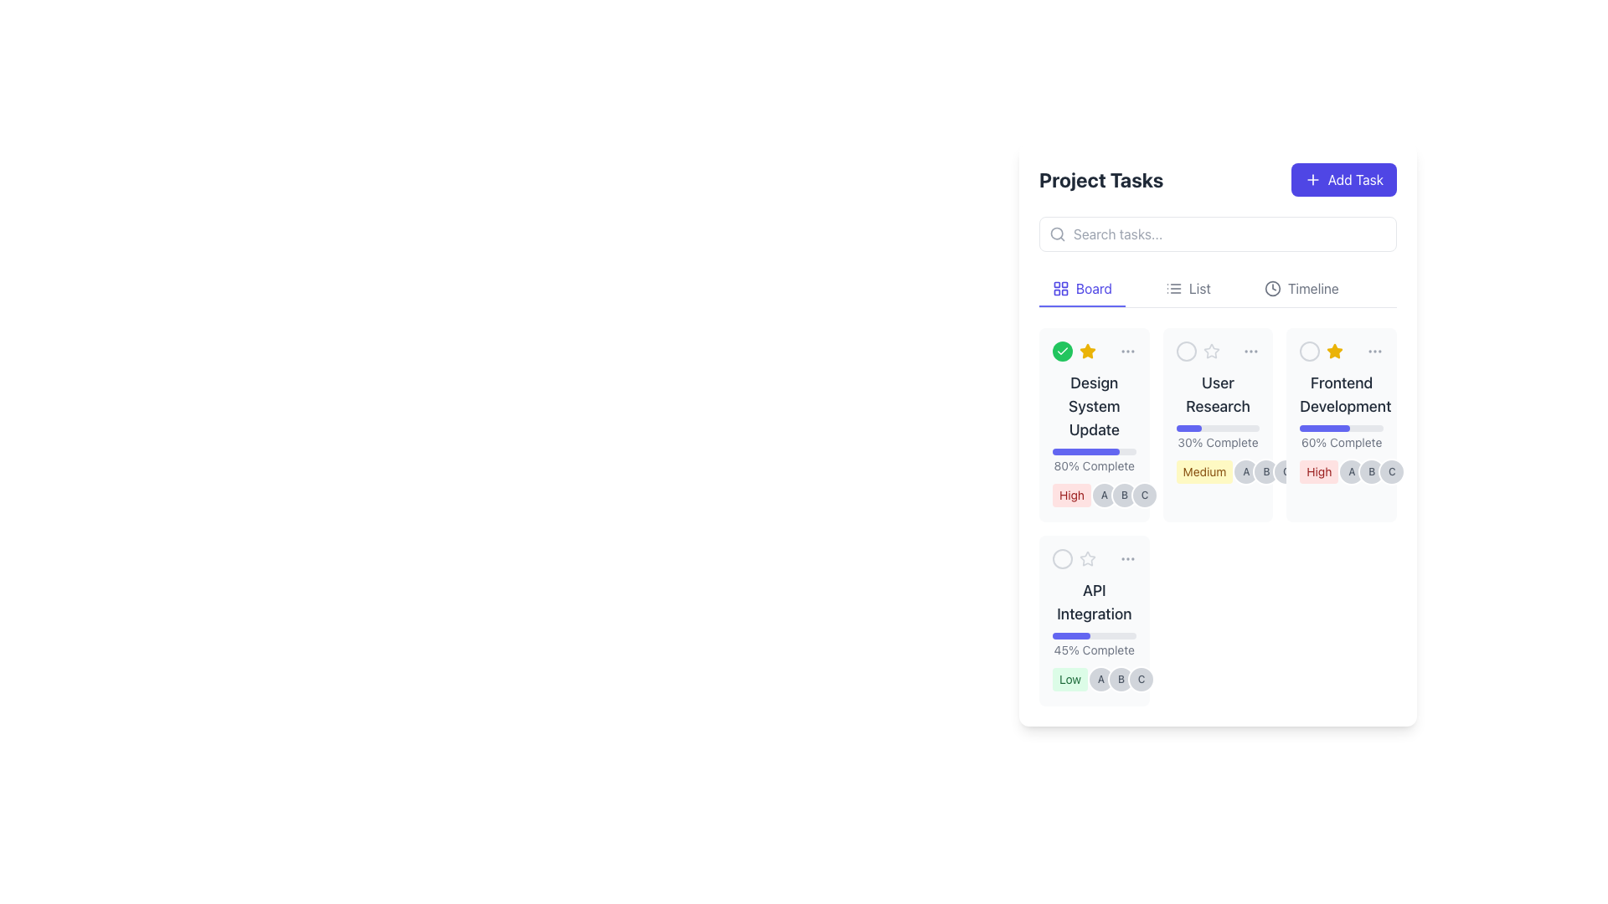 This screenshot has width=1608, height=904. I want to click on the 'Add Task' button located in the top-right corner of the 'Project Tasks' panel, so click(1343, 180).